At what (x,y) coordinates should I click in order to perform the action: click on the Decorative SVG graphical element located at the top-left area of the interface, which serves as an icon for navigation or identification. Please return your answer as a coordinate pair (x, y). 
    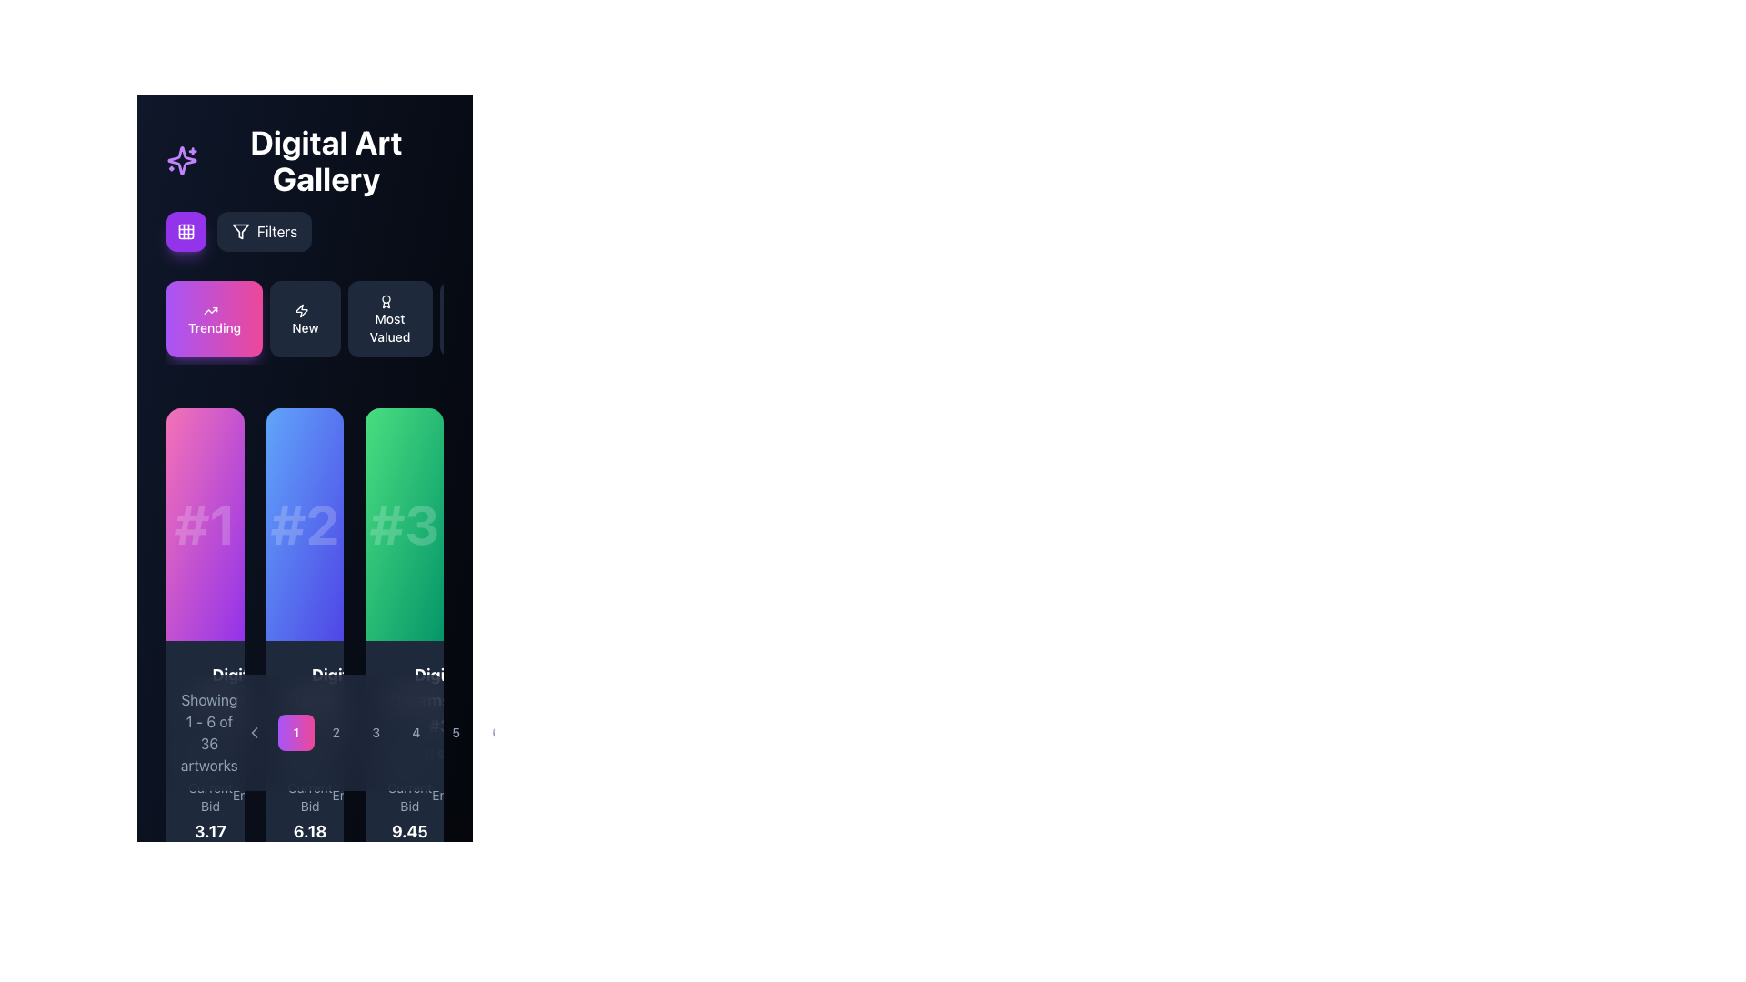
    Looking at the image, I should click on (301, 310).